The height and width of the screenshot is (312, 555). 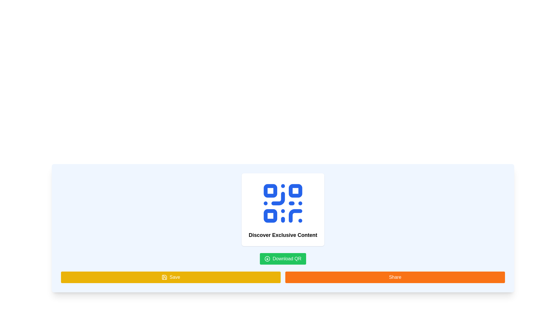 I want to click on the circular graphical component with a blue border and white center located inside the green 'Download QR' button, so click(x=267, y=258).